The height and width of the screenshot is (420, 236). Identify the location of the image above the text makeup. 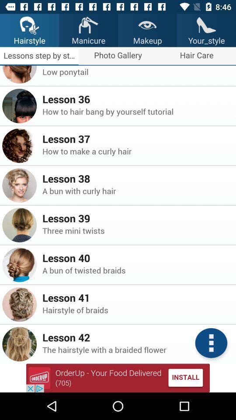
(147, 24).